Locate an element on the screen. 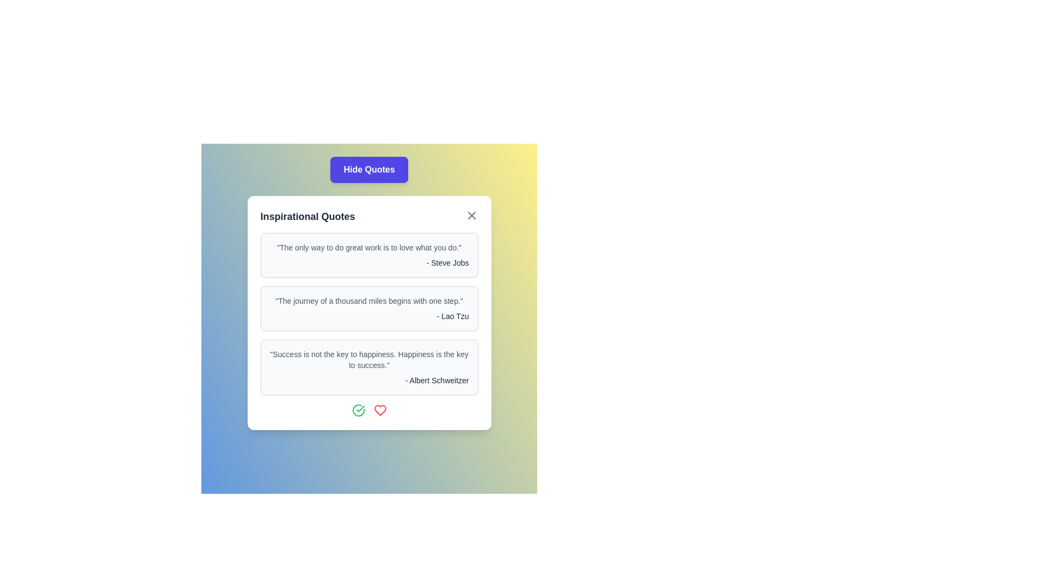 The image size is (1045, 588). the circular icon button with a green outline and checkmark symbol is located at coordinates (358, 410).